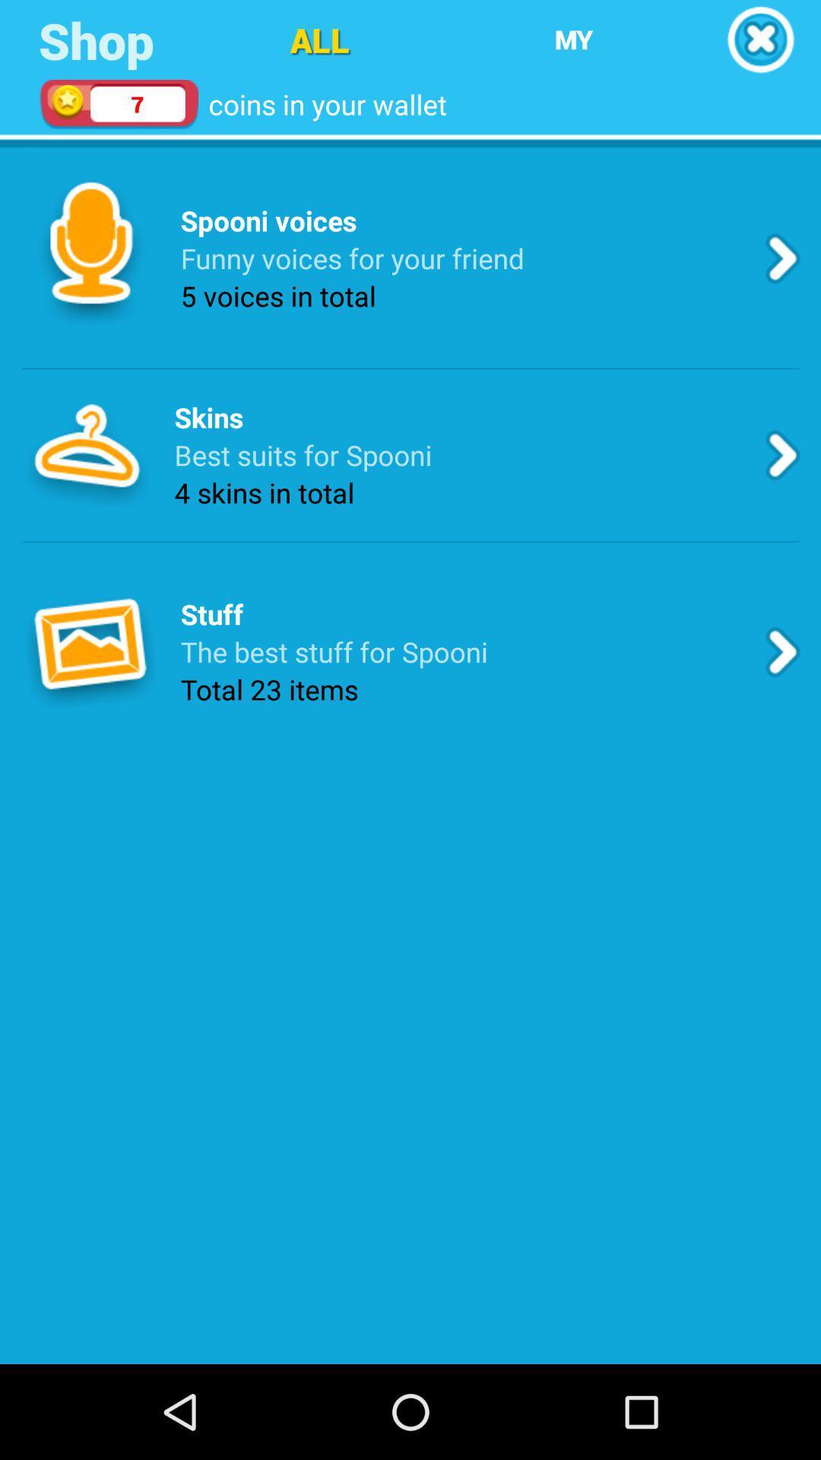 The image size is (821, 1460). What do you see at coordinates (760, 42) in the screenshot?
I see `the close icon` at bounding box center [760, 42].